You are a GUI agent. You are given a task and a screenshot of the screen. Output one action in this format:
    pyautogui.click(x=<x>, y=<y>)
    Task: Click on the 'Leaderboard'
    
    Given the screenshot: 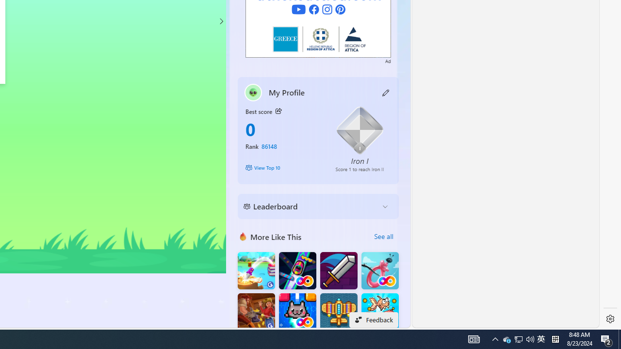 What is the action you would take?
    pyautogui.click(x=310, y=206)
    